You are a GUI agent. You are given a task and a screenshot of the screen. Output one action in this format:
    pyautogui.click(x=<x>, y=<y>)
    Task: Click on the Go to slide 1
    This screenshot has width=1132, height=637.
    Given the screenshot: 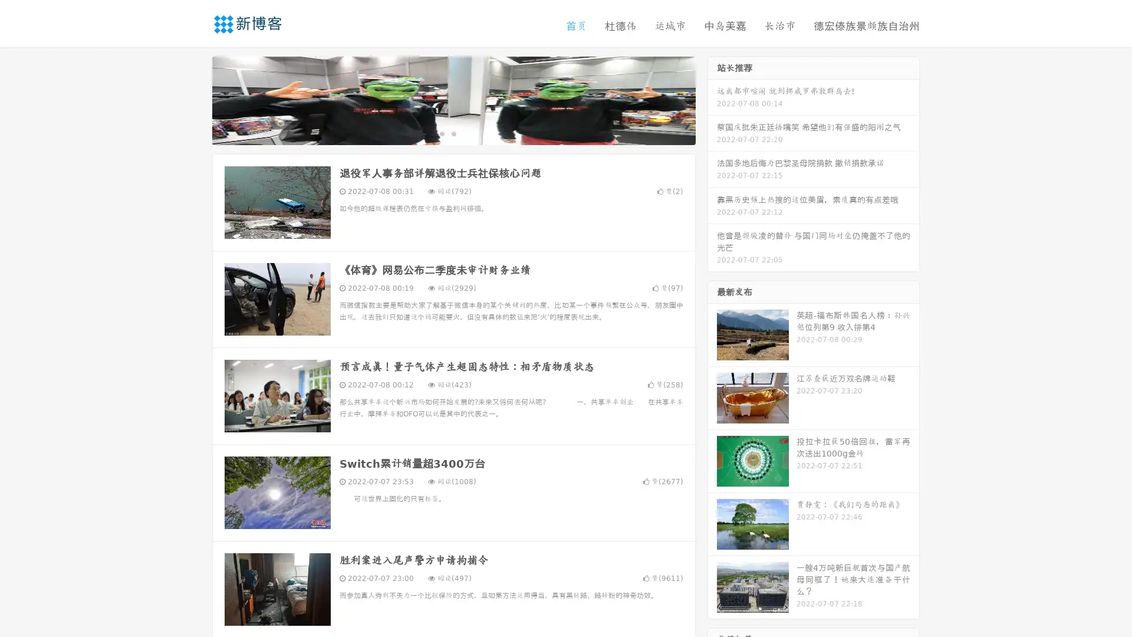 What is the action you would take?
    pyautogui.click(x=441, y=133)
    